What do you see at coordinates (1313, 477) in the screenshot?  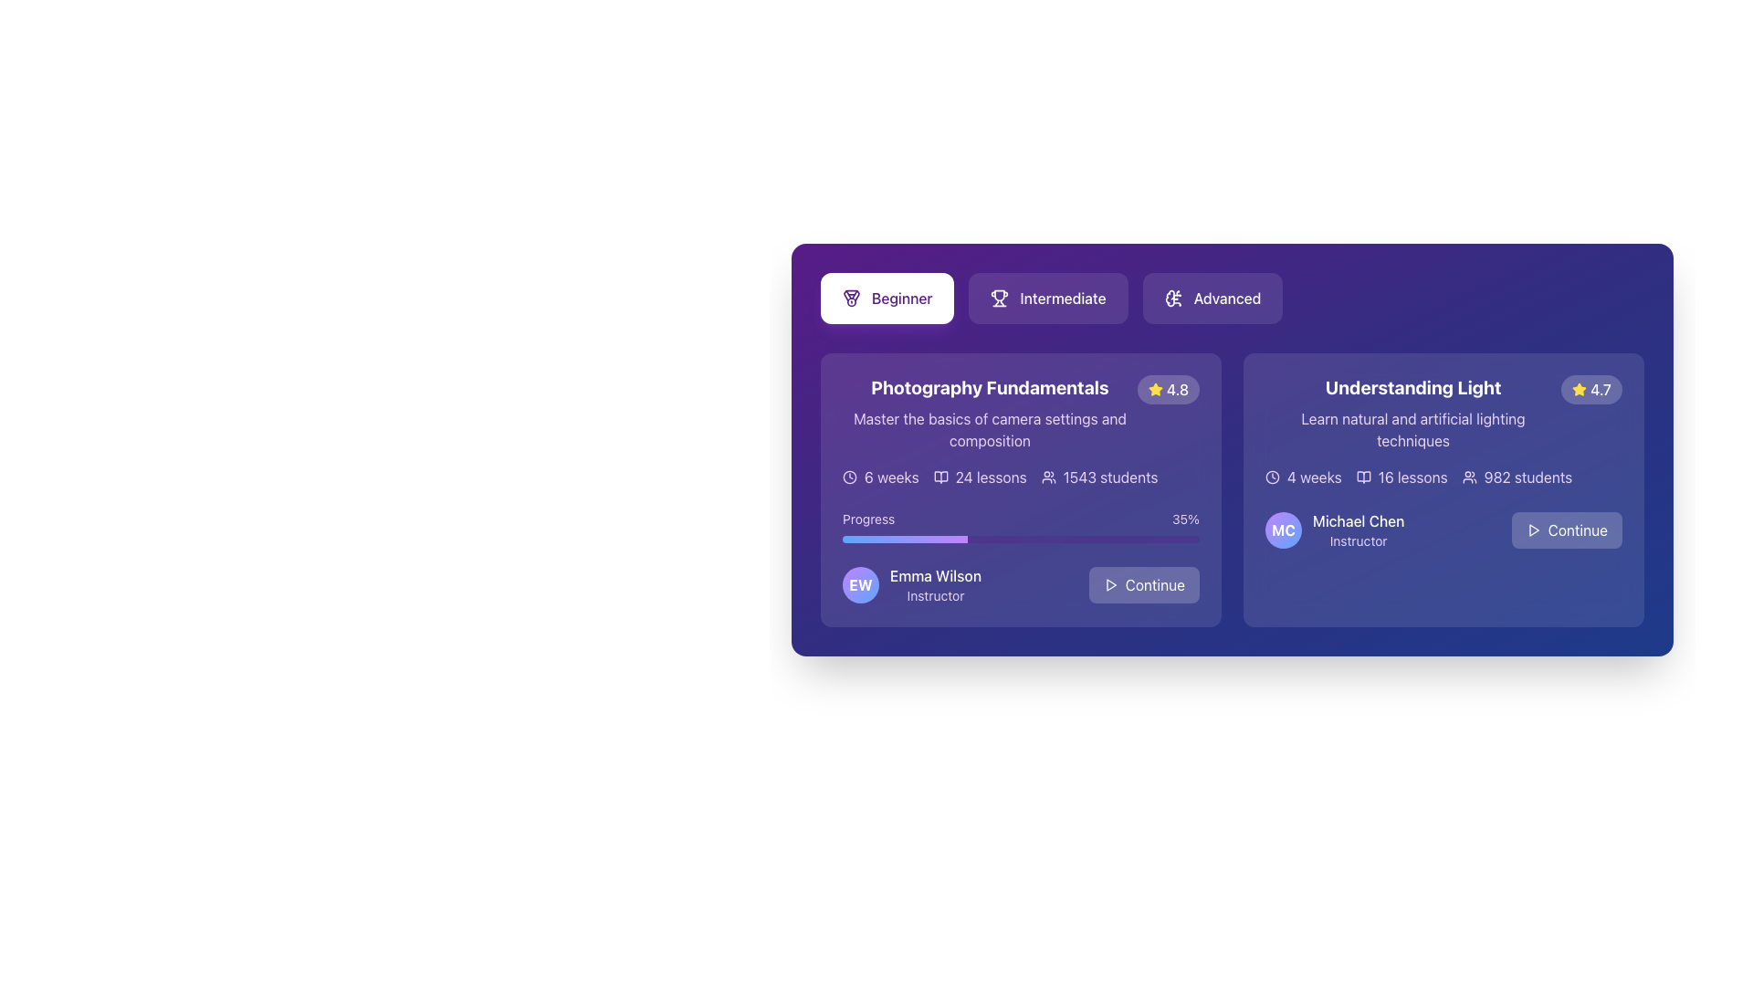 I see `information displayed on the Text Label indicating the duration of the course located in the 'Understanding Light' section of the second course card, positioned to the right of the interface with a clock icon to its left` at bounding box center [1313, 477].